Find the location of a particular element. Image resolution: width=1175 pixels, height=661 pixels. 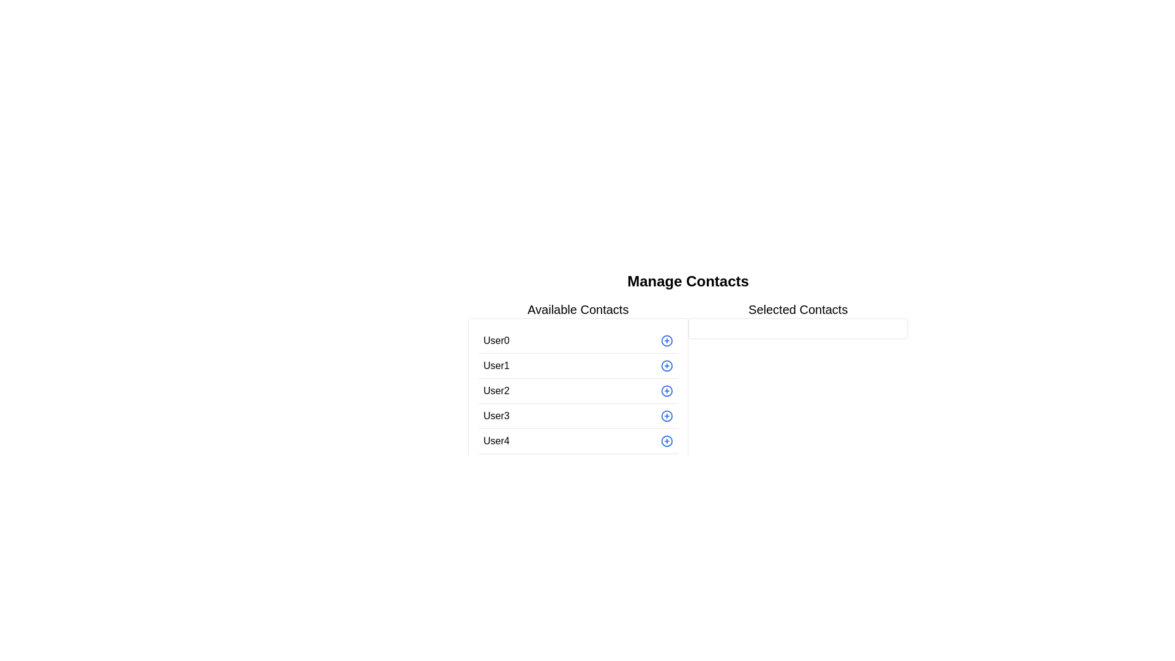

the username 'User3' which is the fourth entry in the list of 'Available Contacts' is located at coordinates (496, 415).